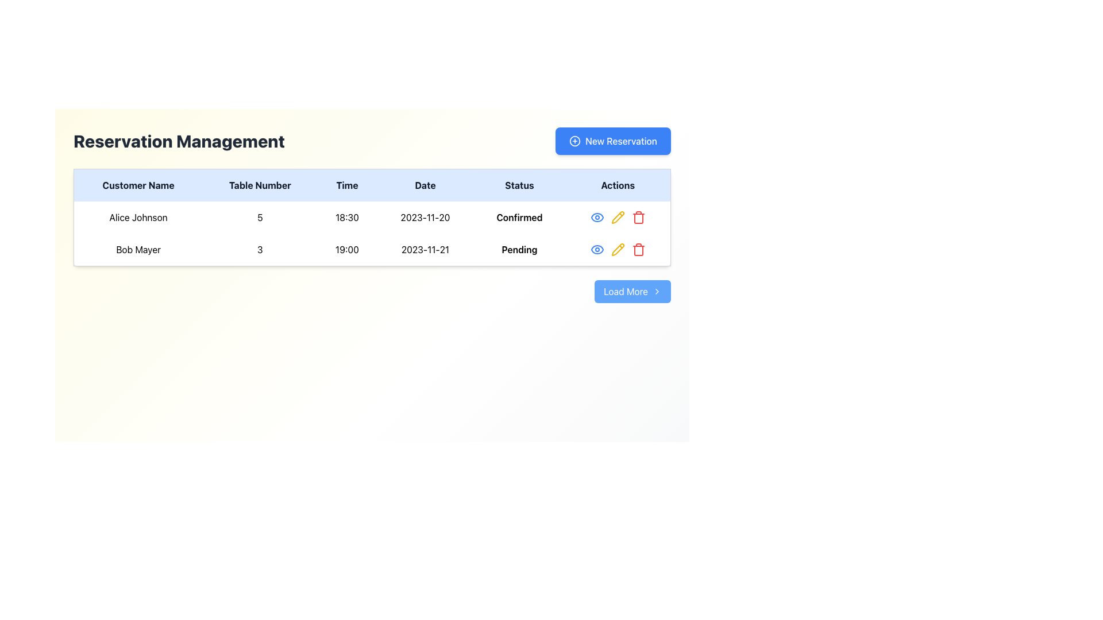  What do you see at coordinates (617, 249) in the screenshot?
I see `the edit action icon, represented by a pencil, located in the second row of the 'Actions' column to observe the hover effect` at bounding box center [617, 249].